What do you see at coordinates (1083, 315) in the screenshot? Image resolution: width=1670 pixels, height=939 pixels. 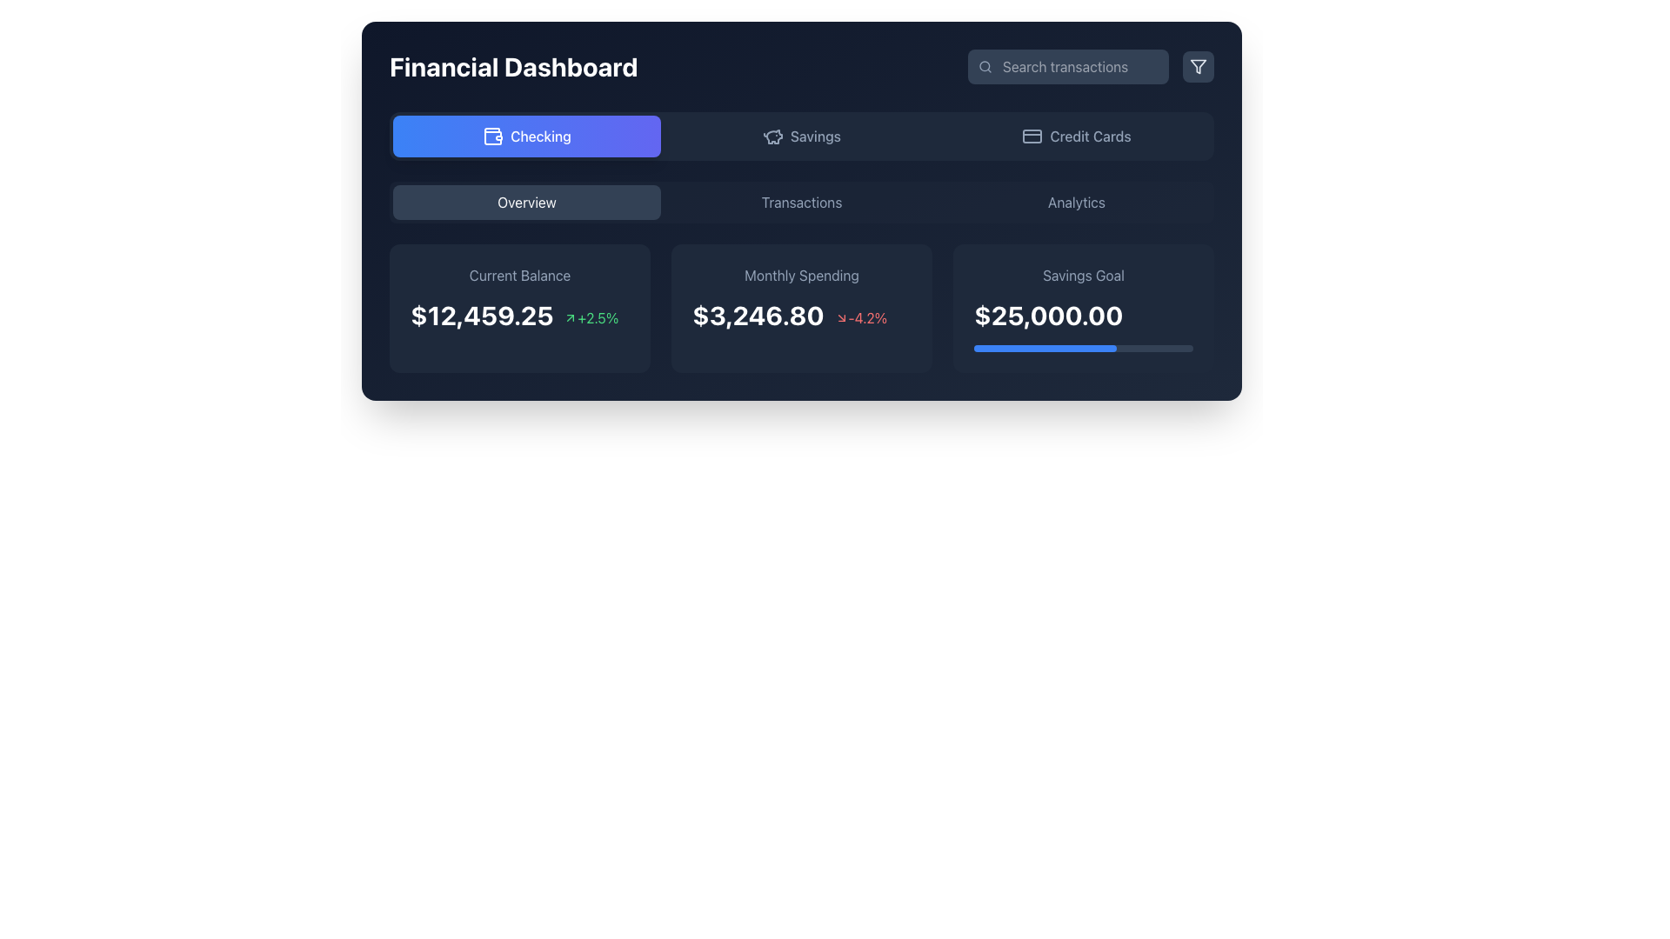 I see `the text display that shows the savings goal amount, located within the 'Savings Goal' section of the 'Financial Dashboard' interface` at bounding box center [1083, 315].